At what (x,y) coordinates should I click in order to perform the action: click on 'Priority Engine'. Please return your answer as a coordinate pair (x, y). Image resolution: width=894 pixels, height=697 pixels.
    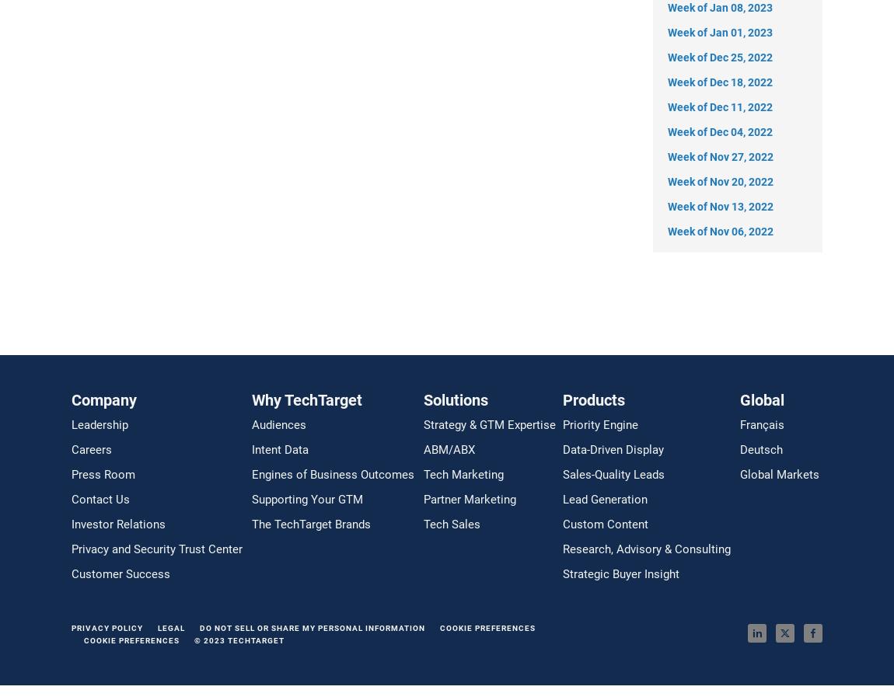
    Looking at the image, I should click on (599, 424).